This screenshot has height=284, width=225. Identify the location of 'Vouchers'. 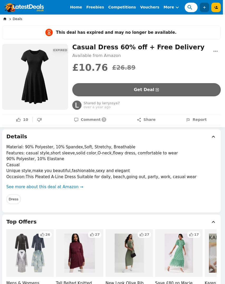
(150, 7).